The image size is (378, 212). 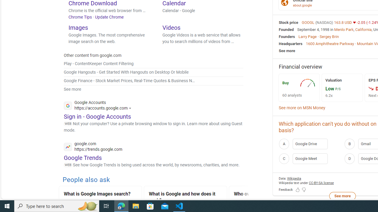 What do you see at coordinates (289, 22) in the screenshot?
I see `'Stock price'` at bounding box center [289, 22].